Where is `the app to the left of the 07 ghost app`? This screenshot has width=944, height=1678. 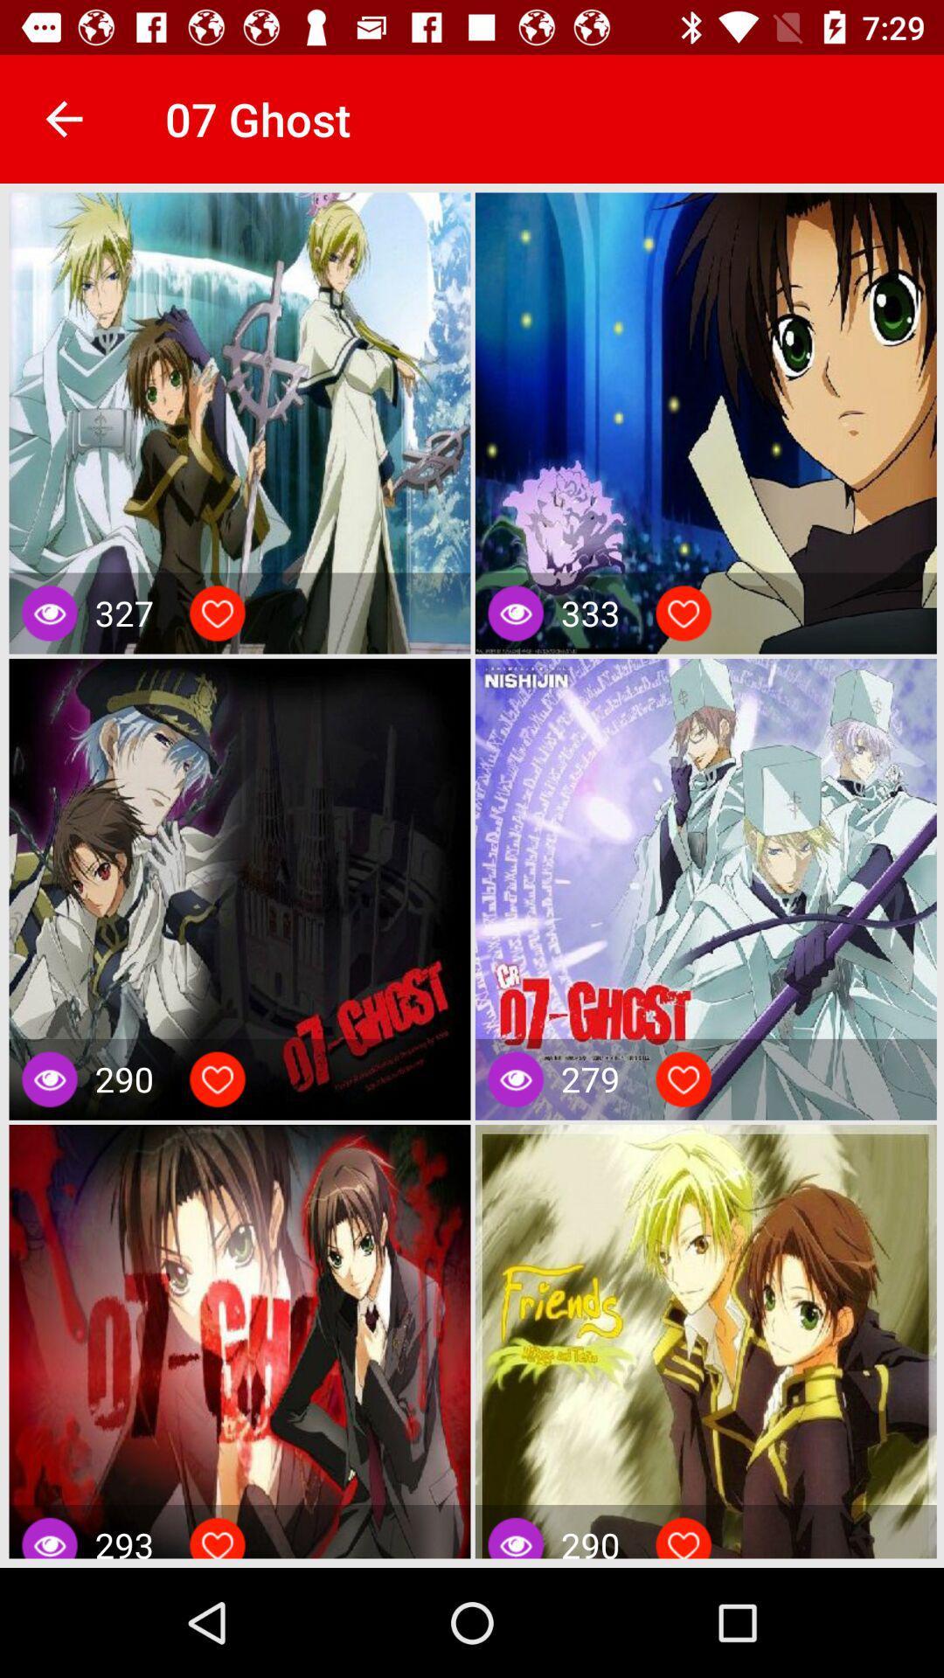 the app to the left of the 07 ghost app is located at coordinates (63, 118).